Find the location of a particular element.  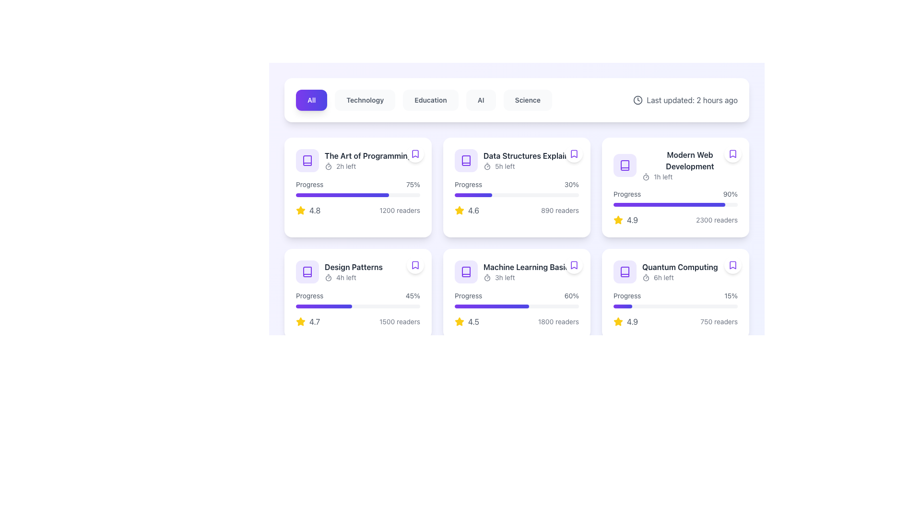

the SVG circle graphical element that represents a timer, centrally located within an icon in the component header among the content cards is located at coordinates (646, 177).